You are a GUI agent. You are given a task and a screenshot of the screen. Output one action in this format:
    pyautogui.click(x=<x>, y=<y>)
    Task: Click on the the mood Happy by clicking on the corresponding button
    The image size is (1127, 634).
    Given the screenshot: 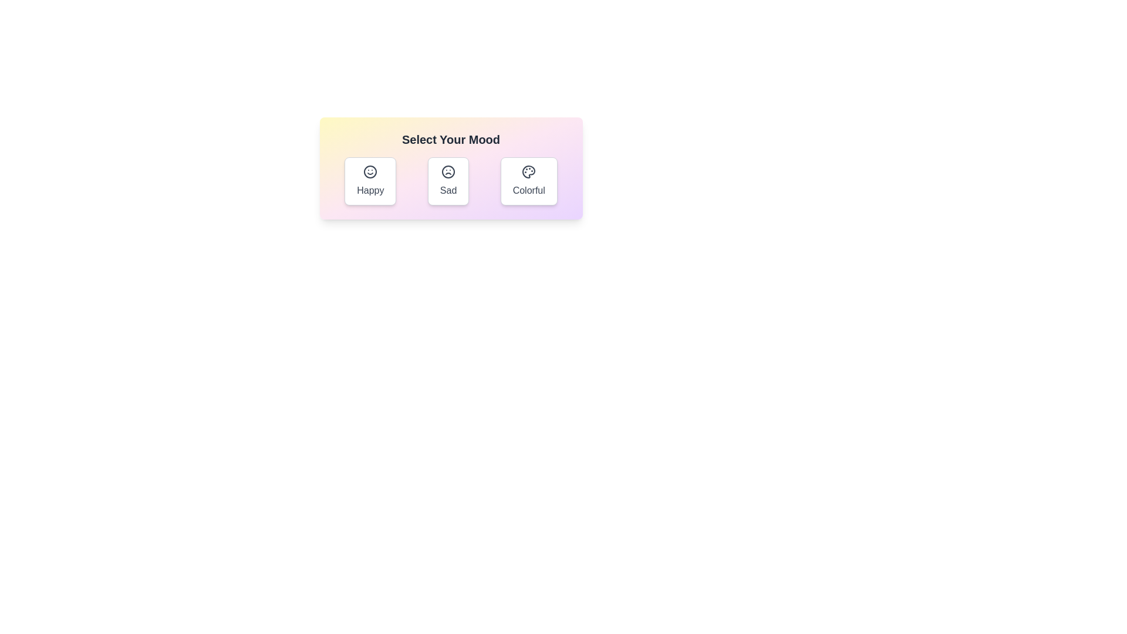 What is the action you would take?
    pyautogui.click(x=370, y=181)
    